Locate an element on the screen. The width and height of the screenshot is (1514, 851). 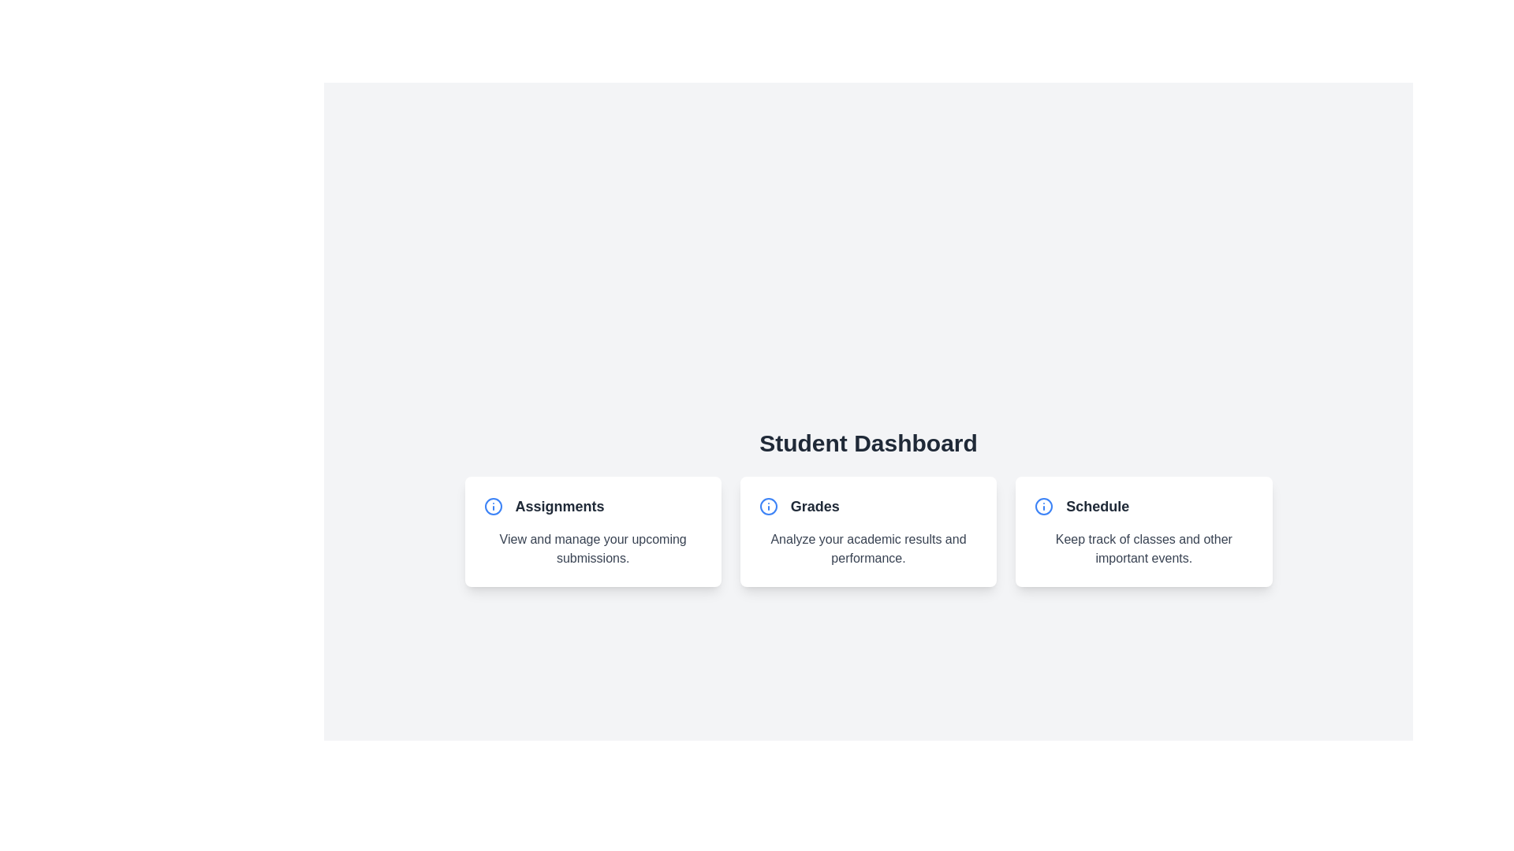
the 'Grades' text label, which is a bold, dark-gray font displayed centrally within the second card from the left in a row of three cards, located under the 'Student Dashboard' header is located at coordinates (815, 507).